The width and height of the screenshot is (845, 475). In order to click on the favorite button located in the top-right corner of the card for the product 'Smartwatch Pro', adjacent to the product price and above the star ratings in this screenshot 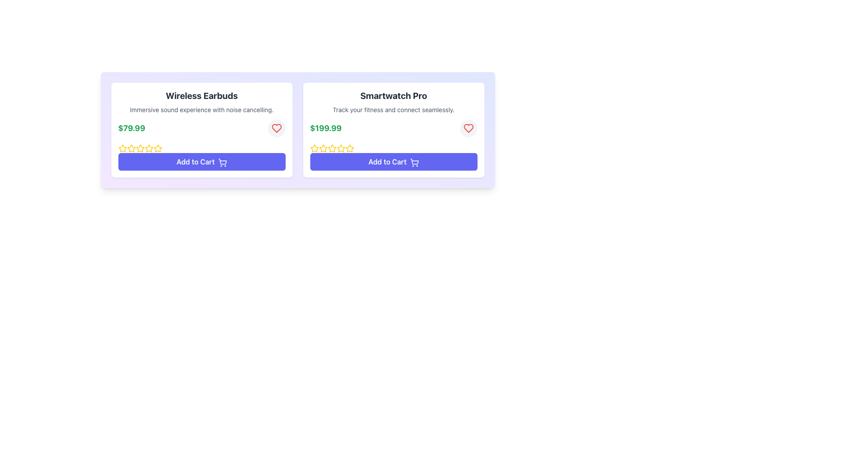, I will do `click(468, 128)`.